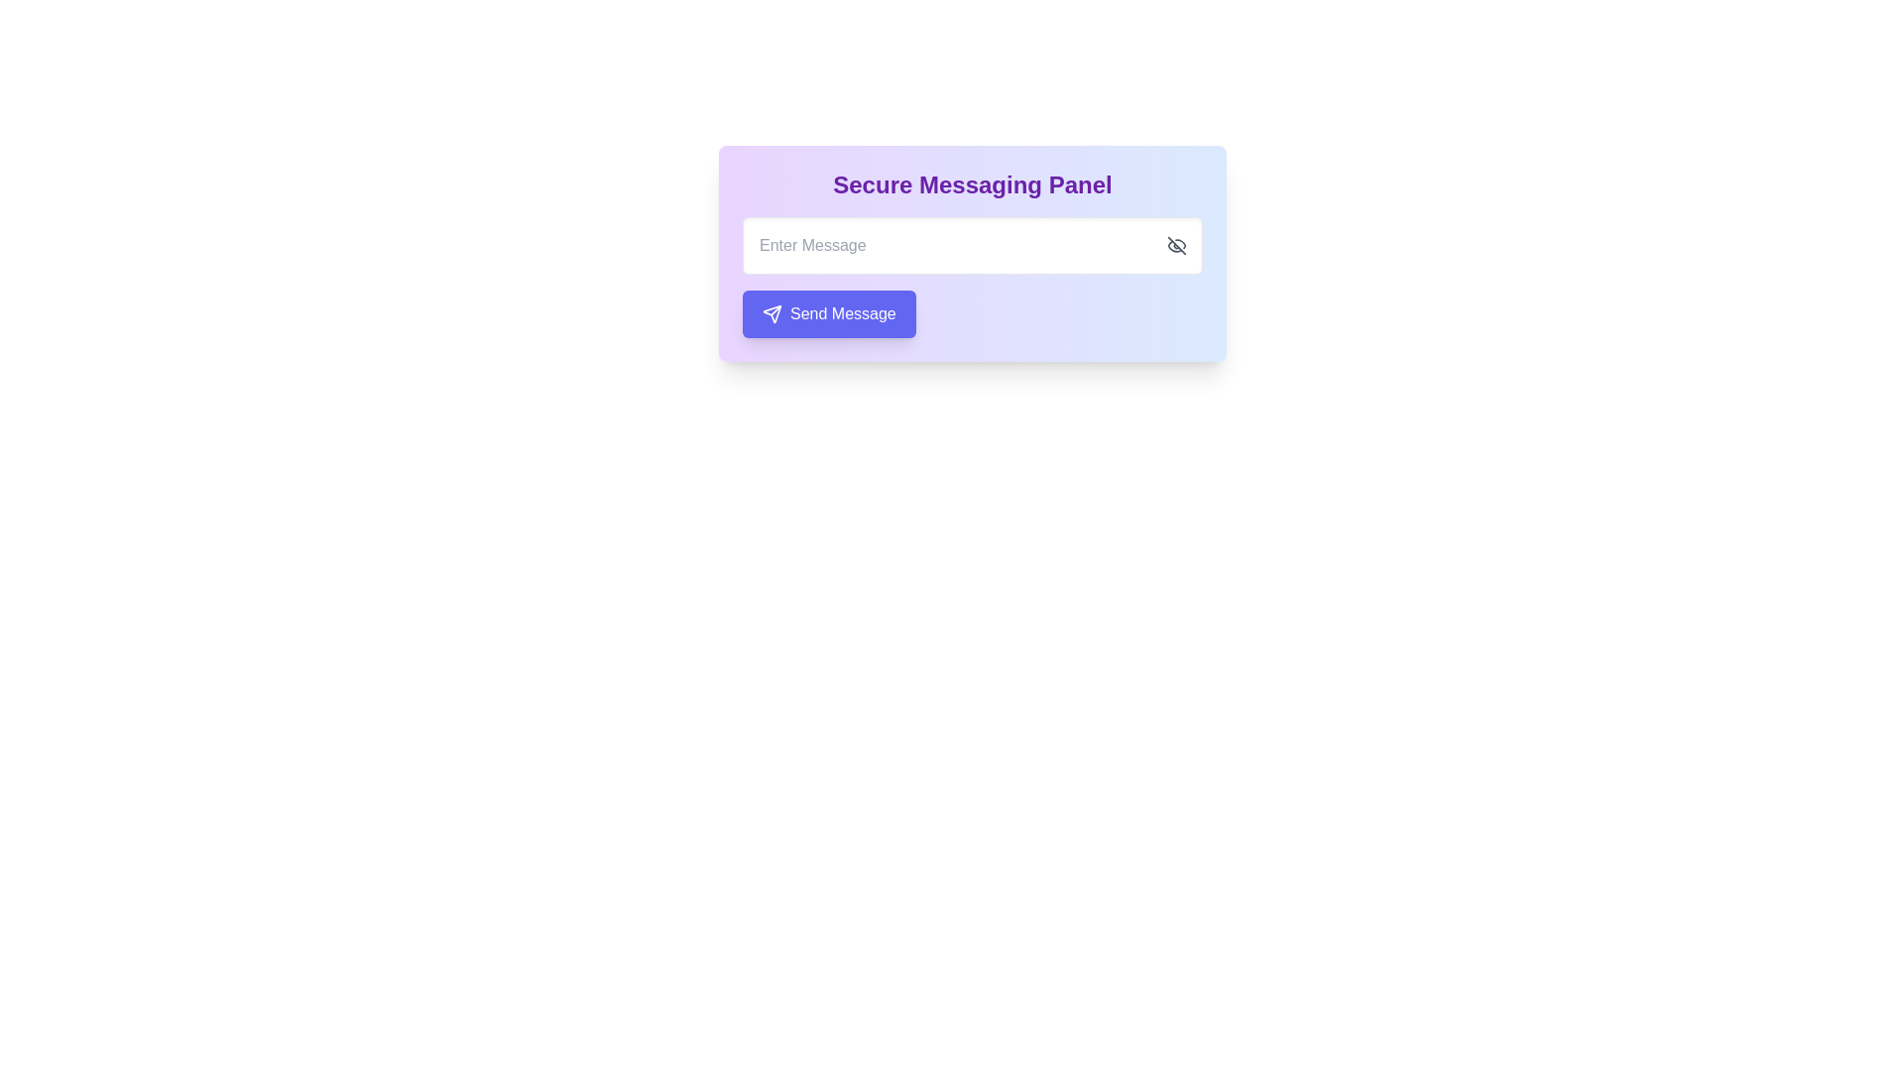 This screenshot has height=1071, width=1904. Describe the element at coordinates (771, 312) in the screenshot. I see `the 'Send Message' button icon` at that location.